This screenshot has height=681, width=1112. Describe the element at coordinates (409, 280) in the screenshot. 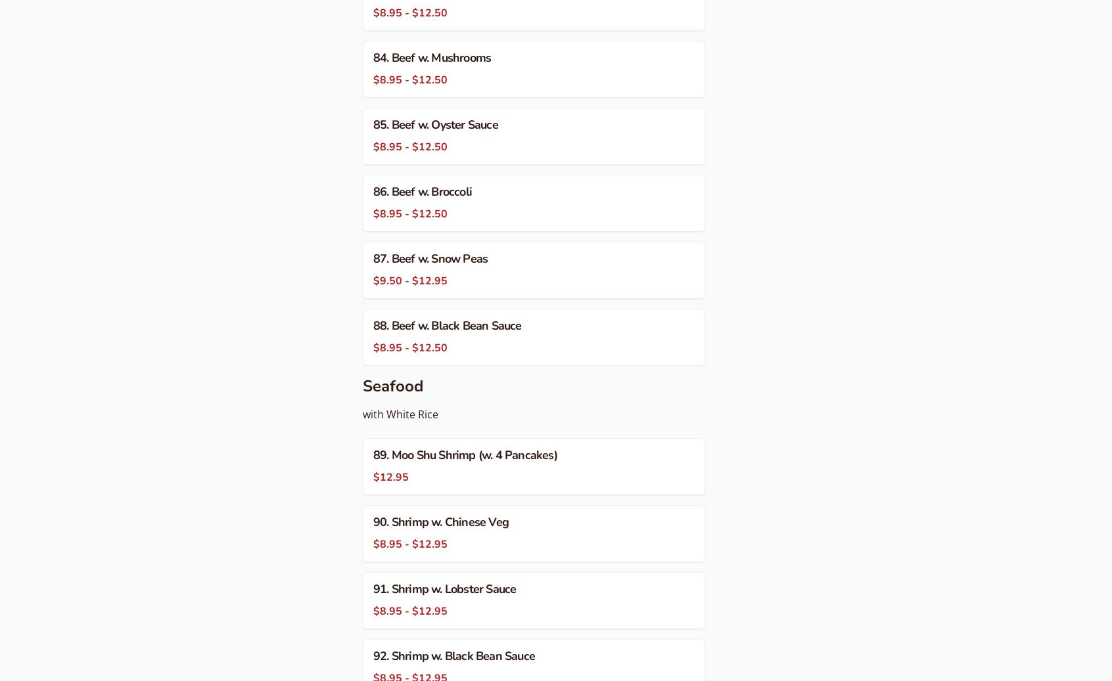

I see `'$9.50 - $12.95'` at that location.